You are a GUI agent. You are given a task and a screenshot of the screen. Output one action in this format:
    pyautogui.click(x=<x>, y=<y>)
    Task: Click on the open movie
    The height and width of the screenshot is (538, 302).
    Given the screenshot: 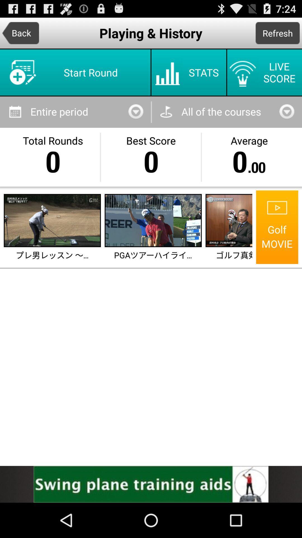 What is the action you would take?
    pyautogui.click(x=229, y=220)
    